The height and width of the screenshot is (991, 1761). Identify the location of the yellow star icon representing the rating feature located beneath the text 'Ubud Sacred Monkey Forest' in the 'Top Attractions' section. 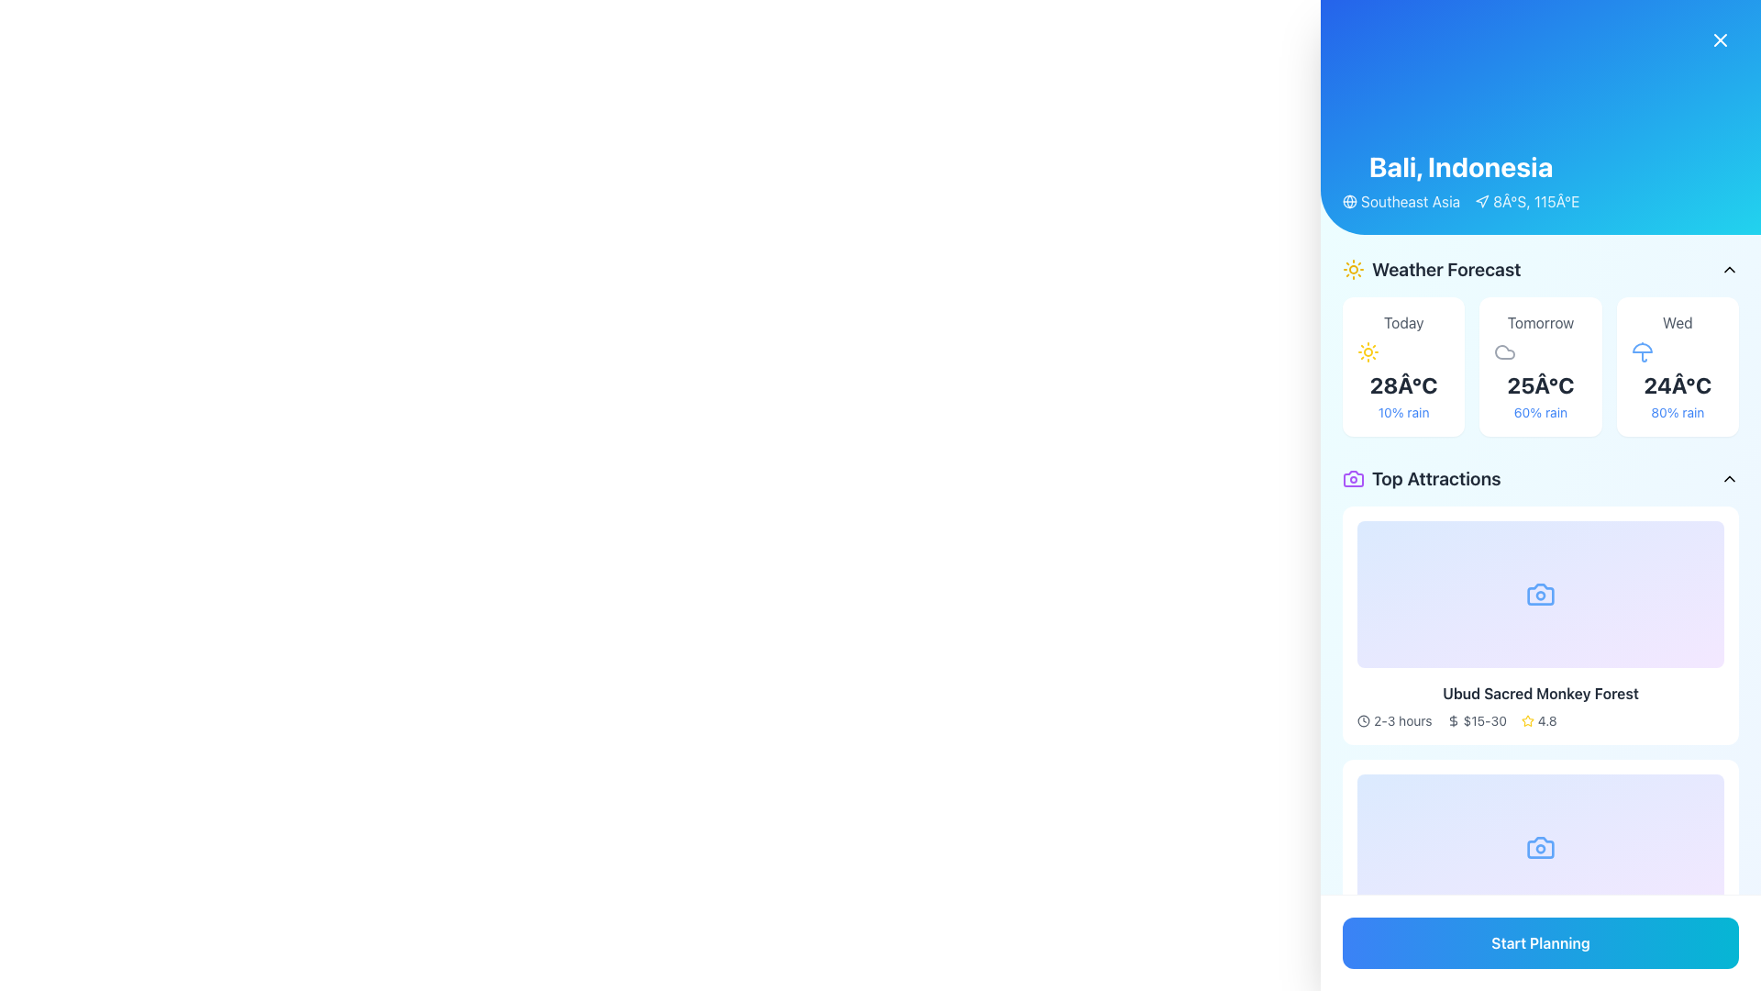
(1527, 973).